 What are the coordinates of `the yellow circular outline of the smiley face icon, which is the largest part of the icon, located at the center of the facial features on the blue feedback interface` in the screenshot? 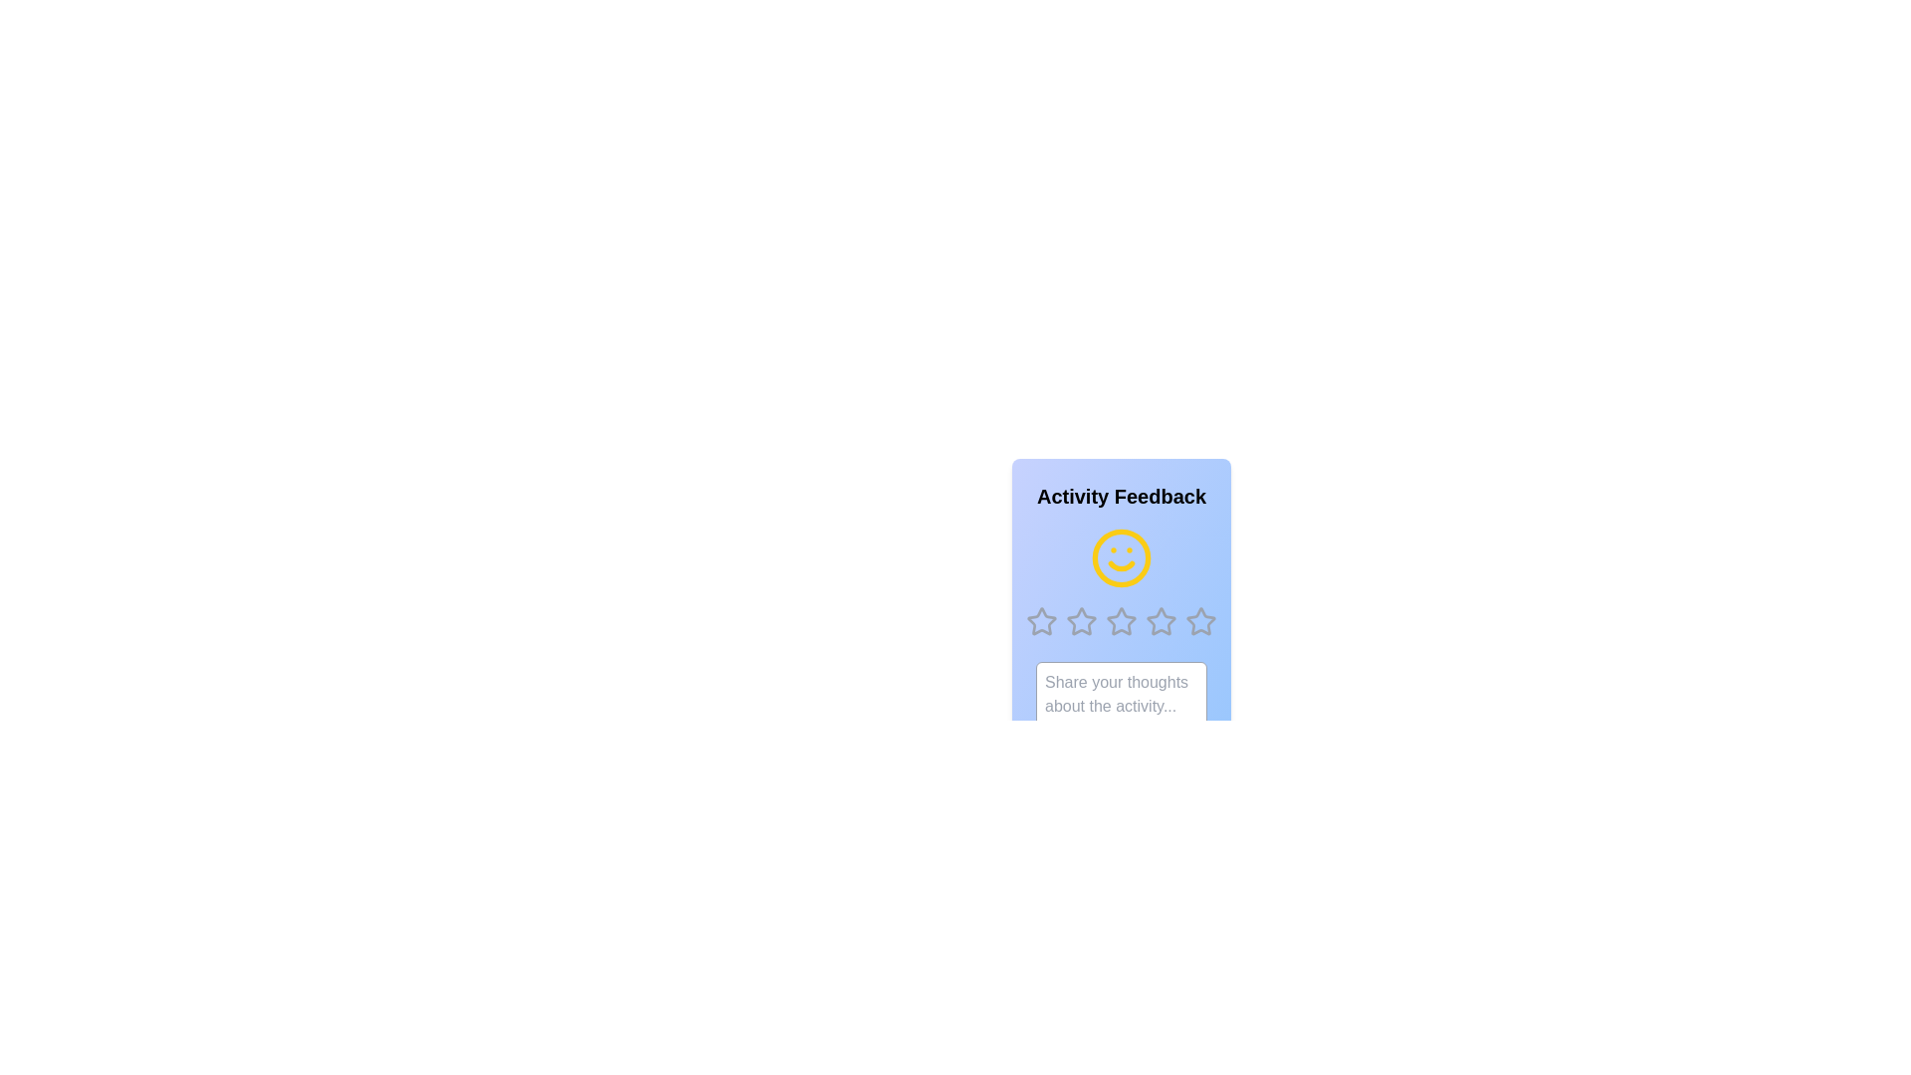 It's located at (1122, 557).